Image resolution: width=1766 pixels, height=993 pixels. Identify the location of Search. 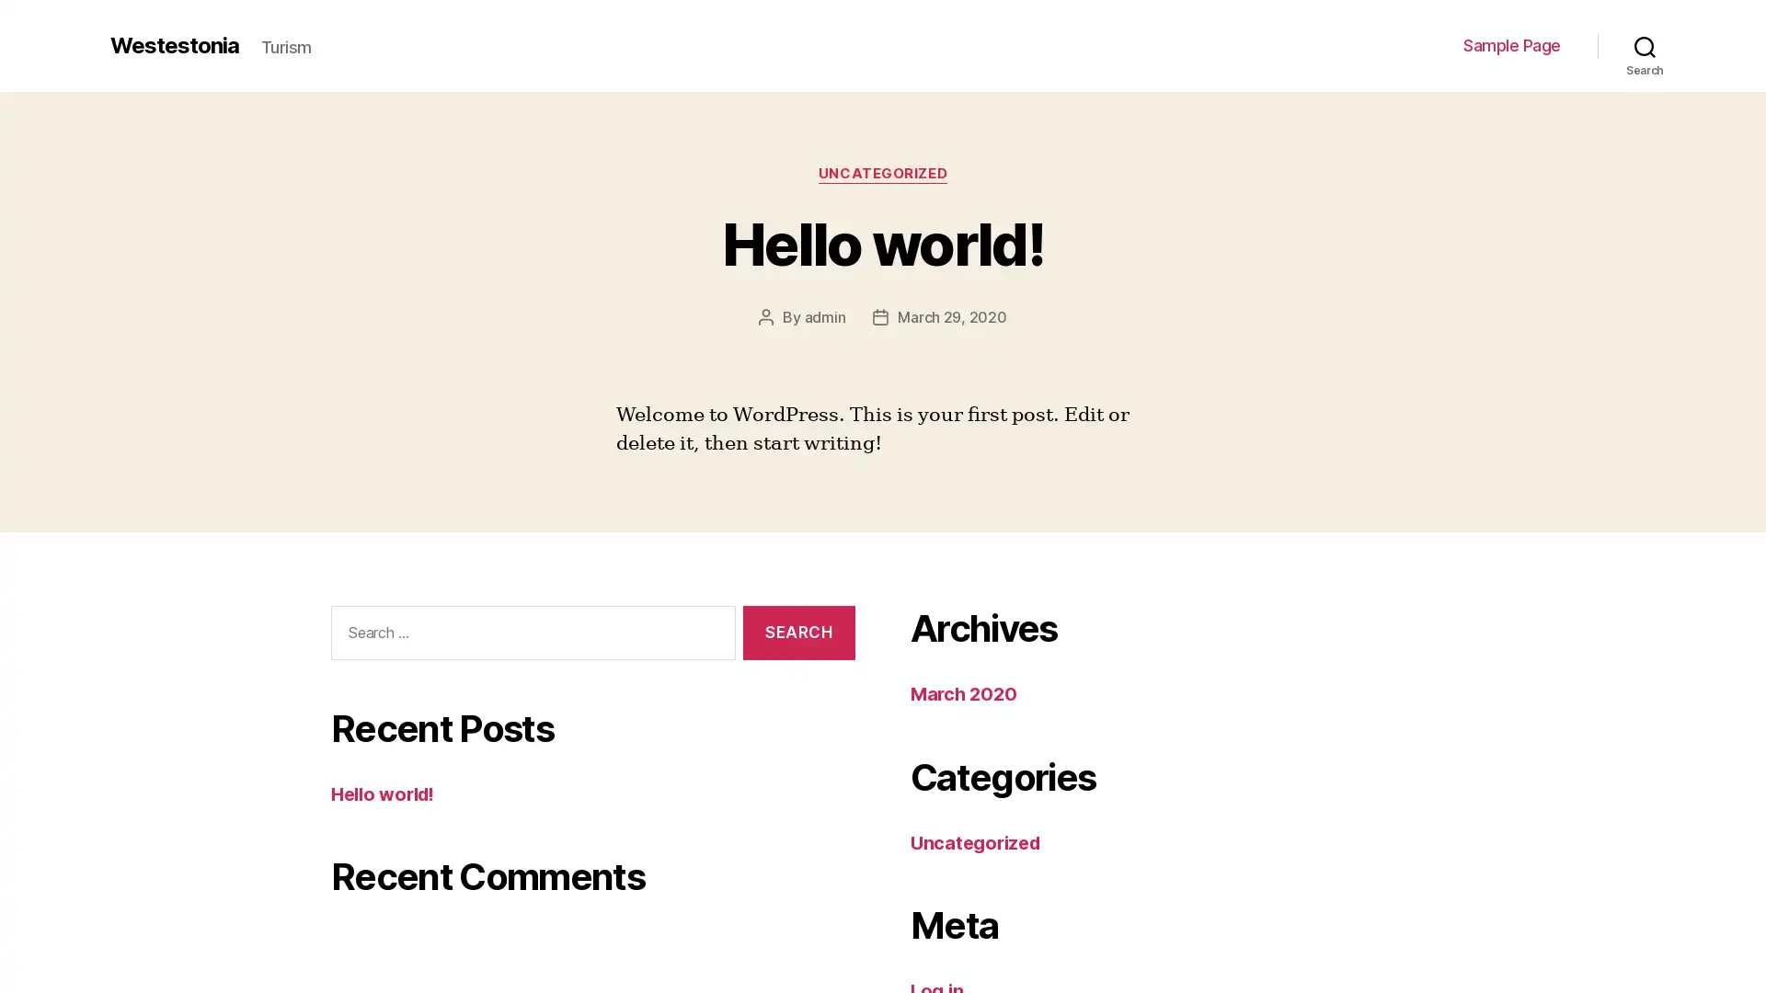
(798, 631).